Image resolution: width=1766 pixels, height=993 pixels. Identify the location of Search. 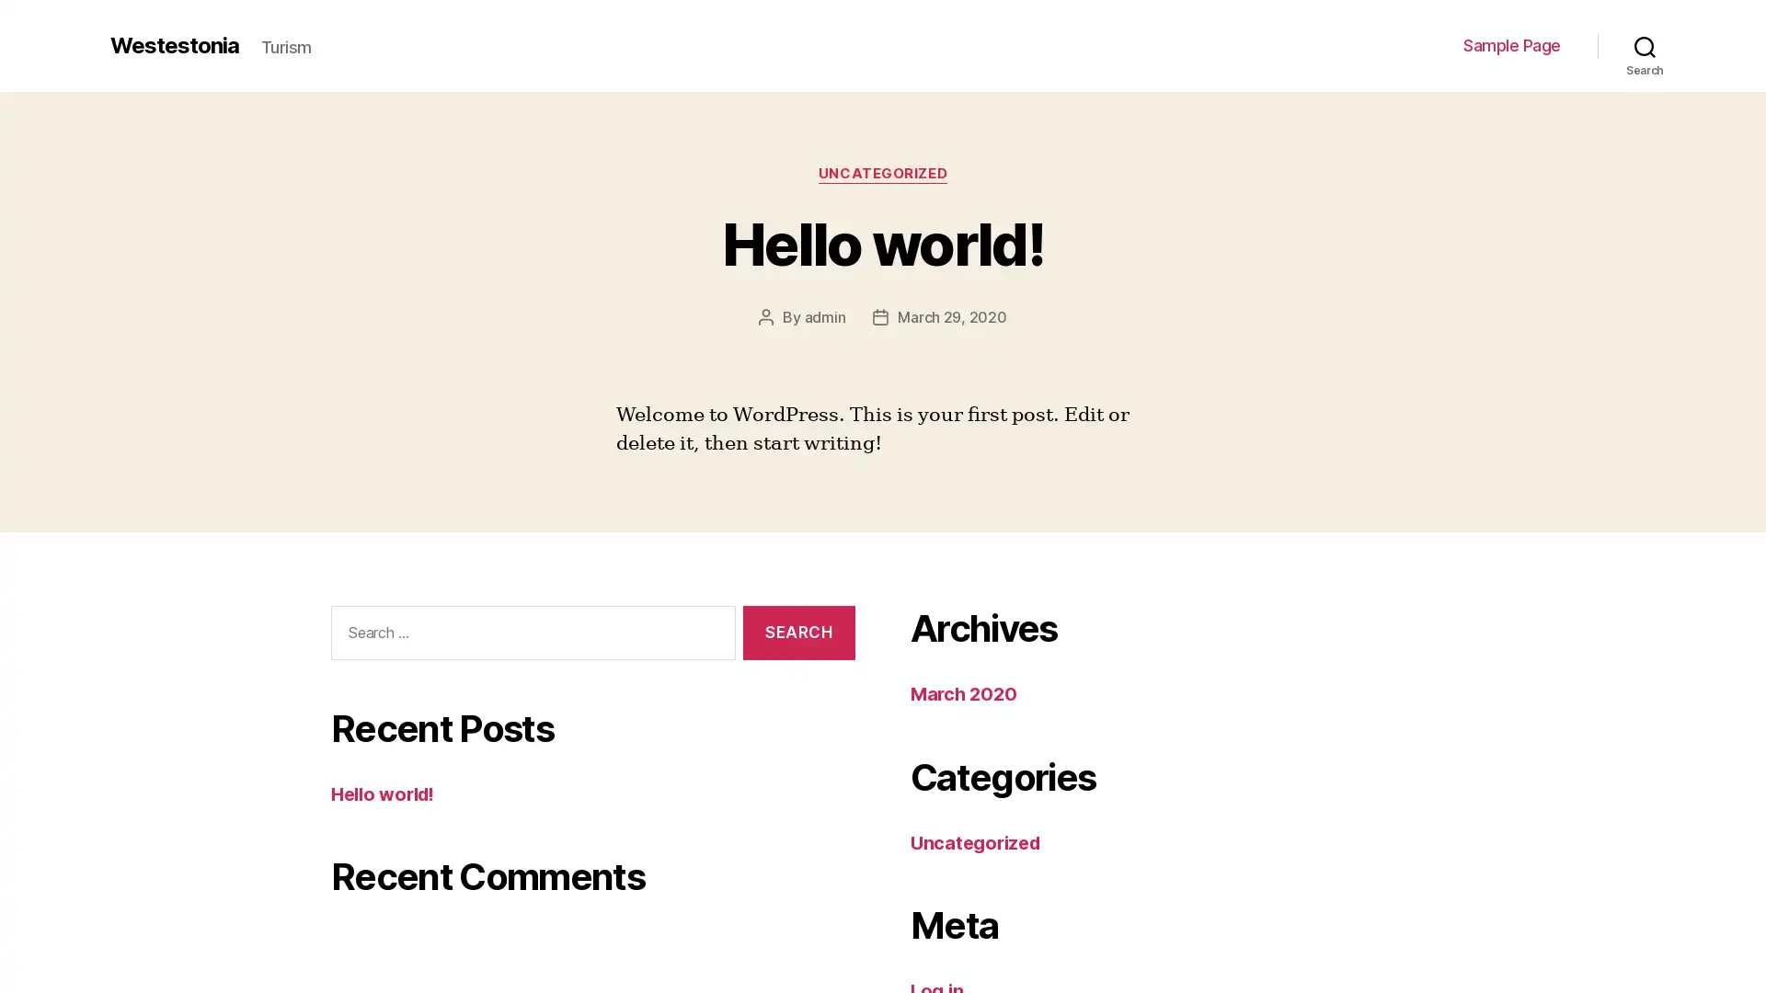
(798, 631).